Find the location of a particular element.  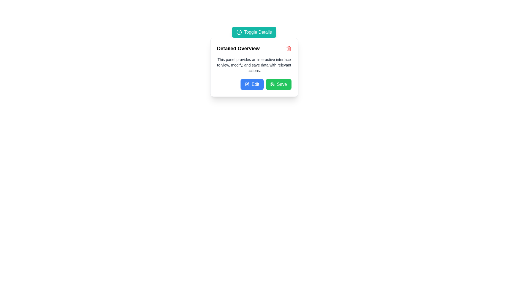

the teal rectangular button with rounded edges labeled 'Toggle Details' is located at coordinates (254, 32).